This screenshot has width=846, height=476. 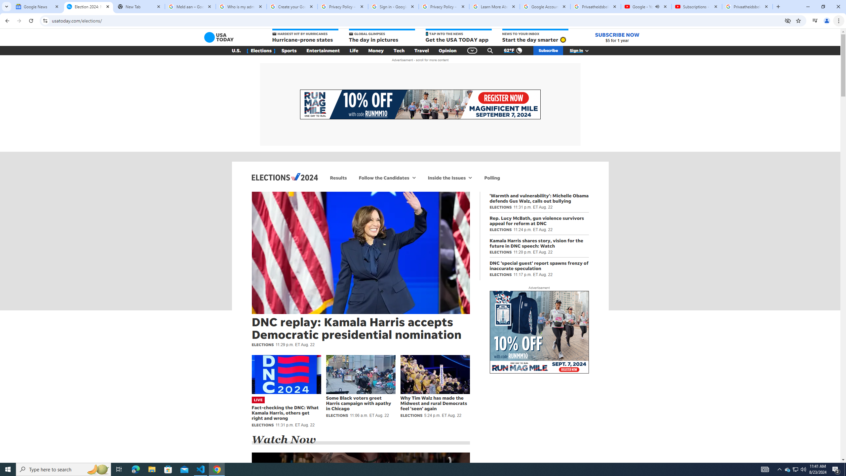 What do you see at coordinates (236, 51) in the screenshot?
I see `'U.S.'` at bounding box center [236, 51].